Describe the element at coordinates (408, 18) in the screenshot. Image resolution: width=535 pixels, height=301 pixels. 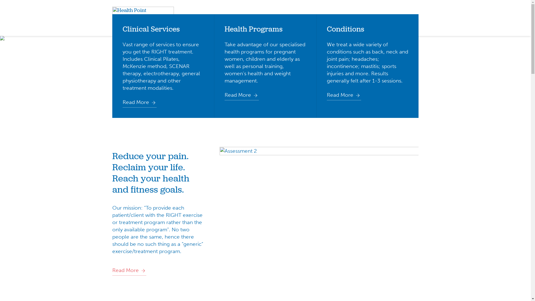
I see `'Contact'` at that location.